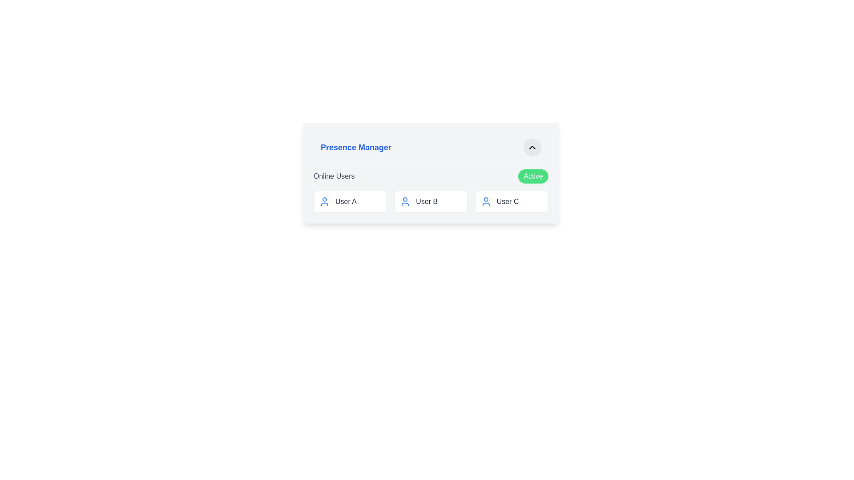 This screenshot has width=854, height=480. Describe the element at coordinates (431, 202) in the screenshot. I see `the user card element representing 'User B' in the middle of the three-column layout, situated between 'User A' and 'User C'` at that location.